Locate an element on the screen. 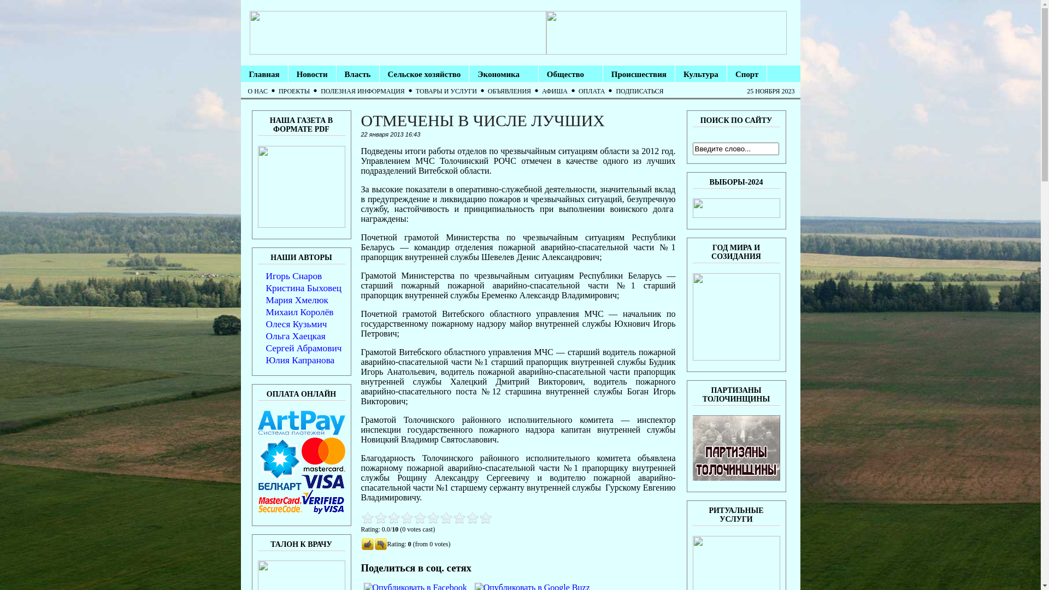  '1 / 10' is located at coordinates (367, 517).